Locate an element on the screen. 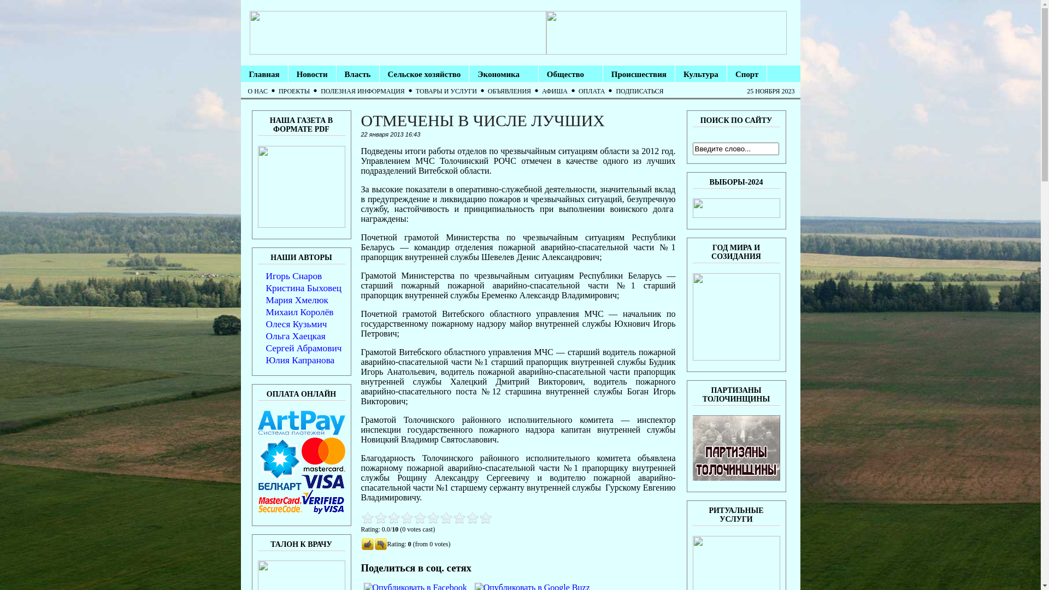  '1 / 10' is located at coordinates (367, 517).